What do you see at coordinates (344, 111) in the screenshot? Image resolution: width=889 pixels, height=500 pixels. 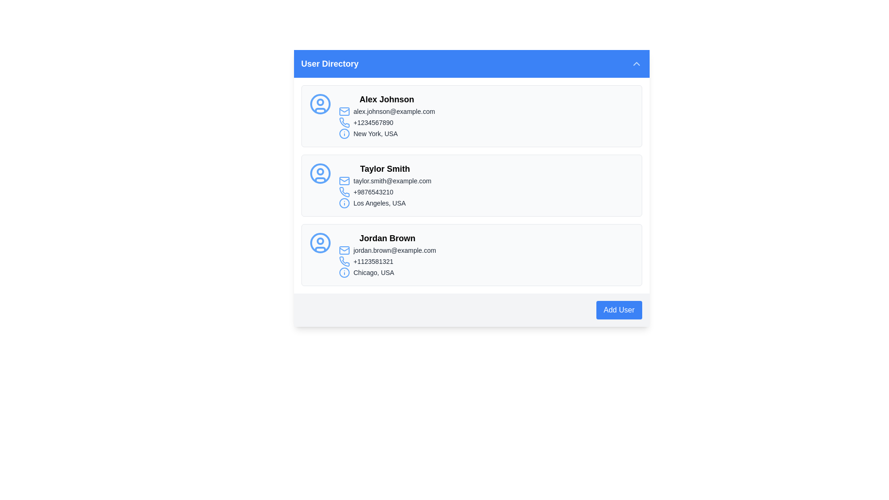 I see `the small blue rectangular shape with rounded corners that represents an envelope icon, located next to the text 'Alex Johnson' in the User Directory panel of the first card` at bounding box center [344, 111].